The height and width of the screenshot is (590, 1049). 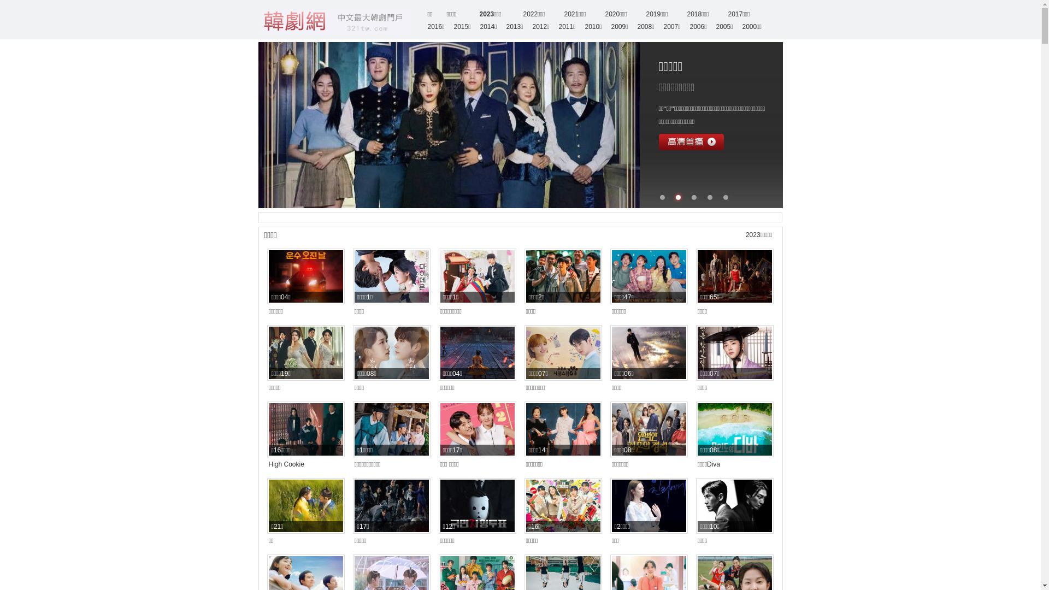 What do you see at coordinates (286, 464) in the screenshot?
I see `'High Cookie'` at bounding box center [286, 464].